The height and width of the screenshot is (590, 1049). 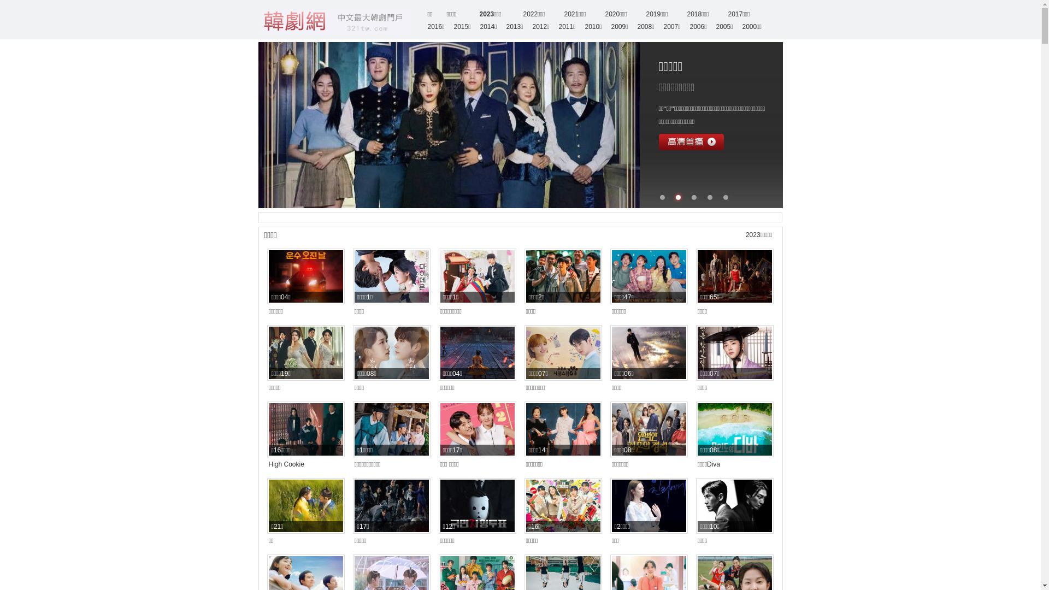 What do you see at coordinates (286, 464) in the screenshot?
I see `'High Cookie'` at bounding box center [286, 464].